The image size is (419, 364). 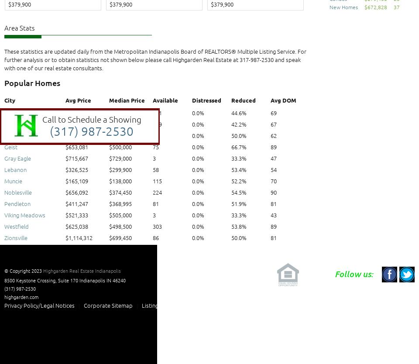 What do you see at coordinates (126, 100) in the screenshot?
I see `'Median Price'` at bounding box center [126, 100].